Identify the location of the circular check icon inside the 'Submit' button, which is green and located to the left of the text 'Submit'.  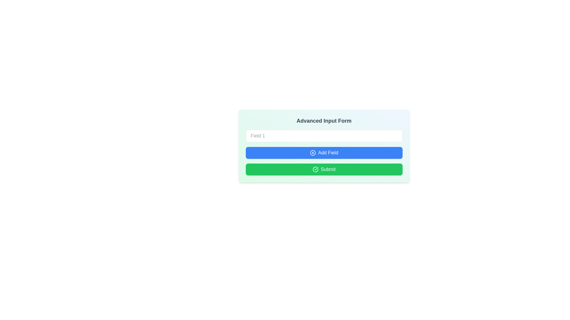
(315, 169).